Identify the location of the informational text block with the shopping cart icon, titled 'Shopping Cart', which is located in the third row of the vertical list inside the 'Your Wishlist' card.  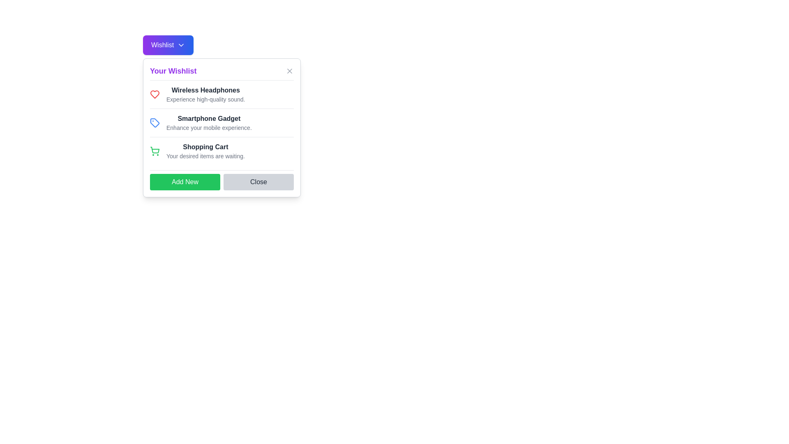
(221, 151).